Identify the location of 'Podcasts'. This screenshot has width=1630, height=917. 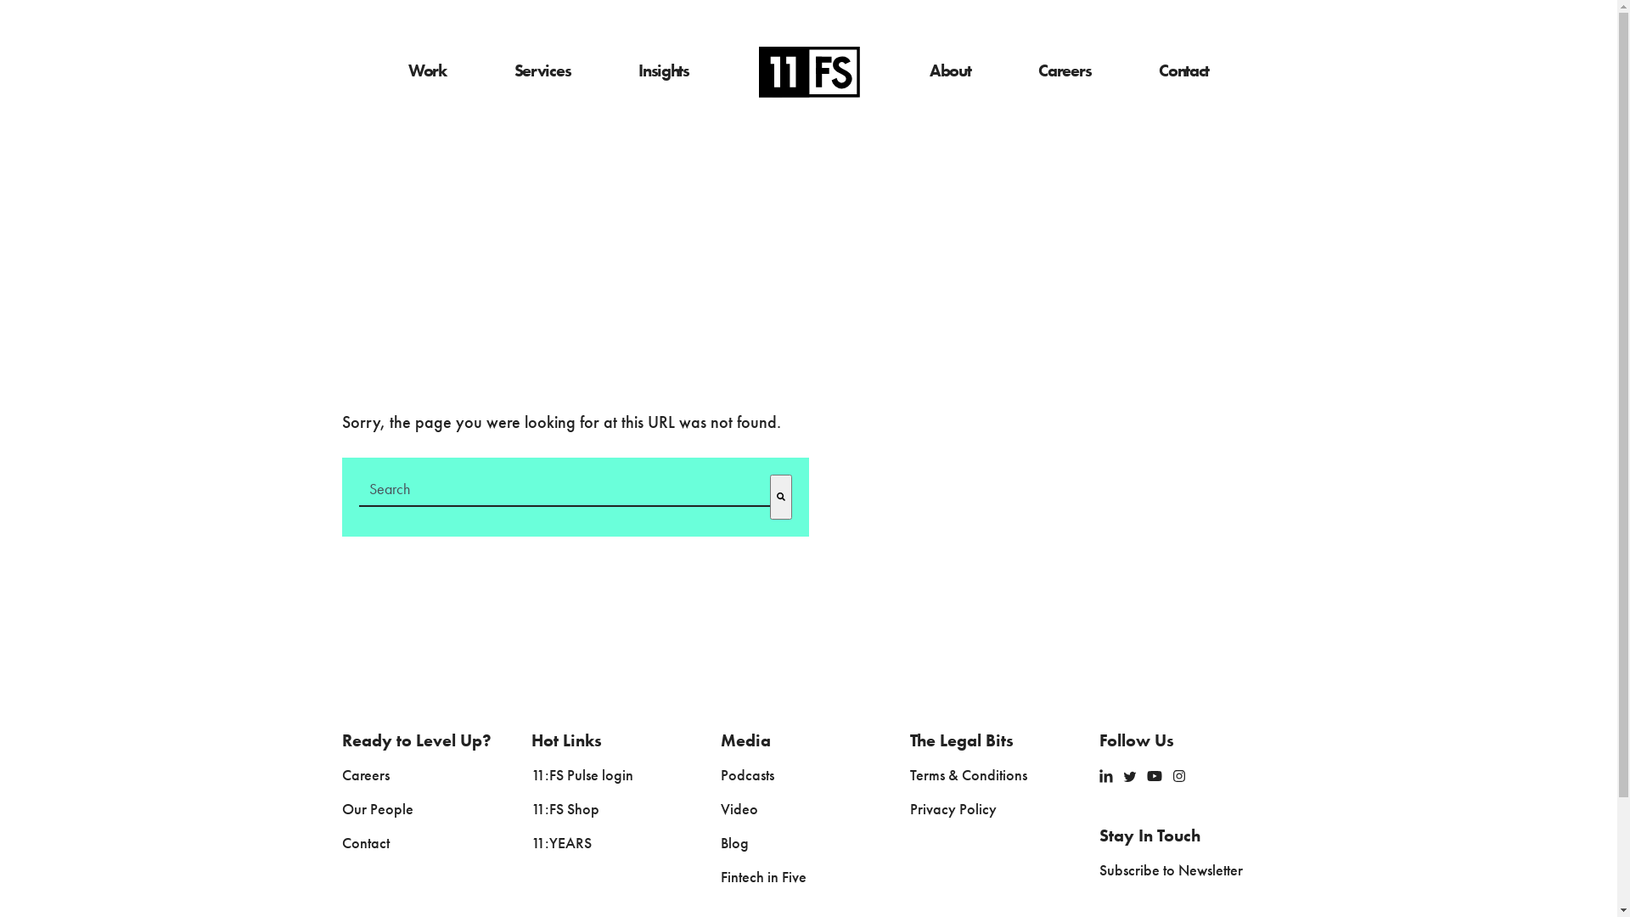
(747, 776).